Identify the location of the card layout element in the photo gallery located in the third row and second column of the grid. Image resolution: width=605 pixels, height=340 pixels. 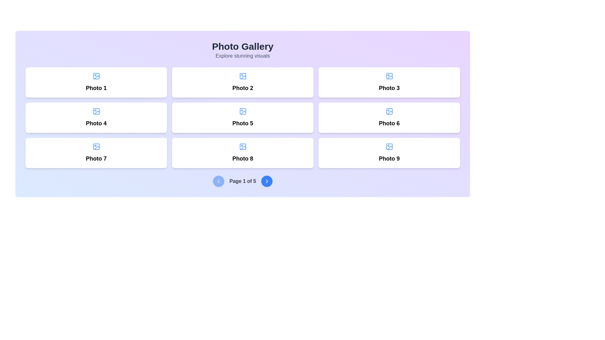
(242, 153).